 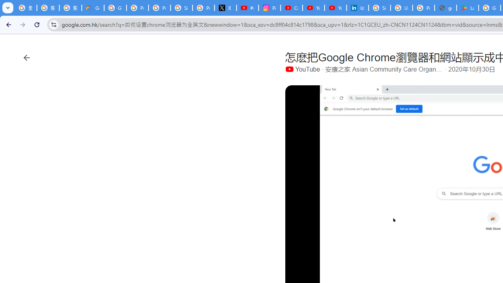 I want to click on '#nbabasketballhighlights - YouTube', so click(x=247, y=8).